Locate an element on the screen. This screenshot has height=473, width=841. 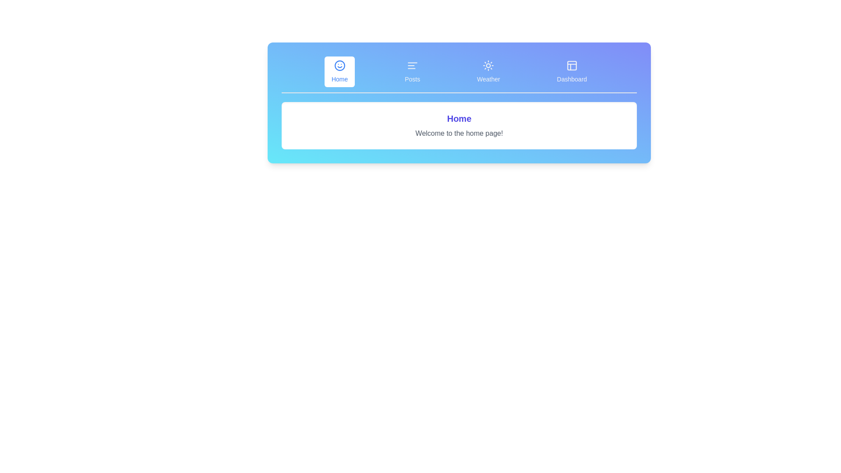
the tab labeled Dashboard is located at coordinates (572, 71).